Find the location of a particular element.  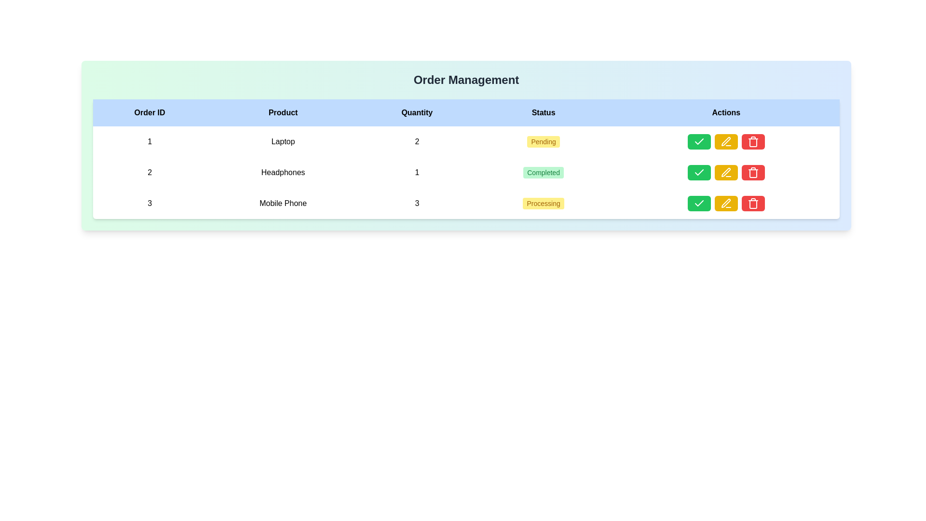

the static text display element labeled 'Laptop' which is located in the 'Product' column of the table for 'Order ID 1' is located at coordinates (283, 141).